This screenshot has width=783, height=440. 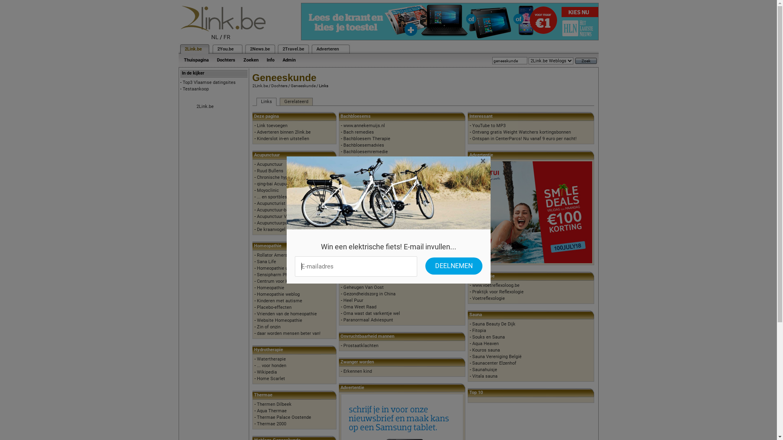 I want to click on 'Geneeskunde', so click(x=302, y=86).